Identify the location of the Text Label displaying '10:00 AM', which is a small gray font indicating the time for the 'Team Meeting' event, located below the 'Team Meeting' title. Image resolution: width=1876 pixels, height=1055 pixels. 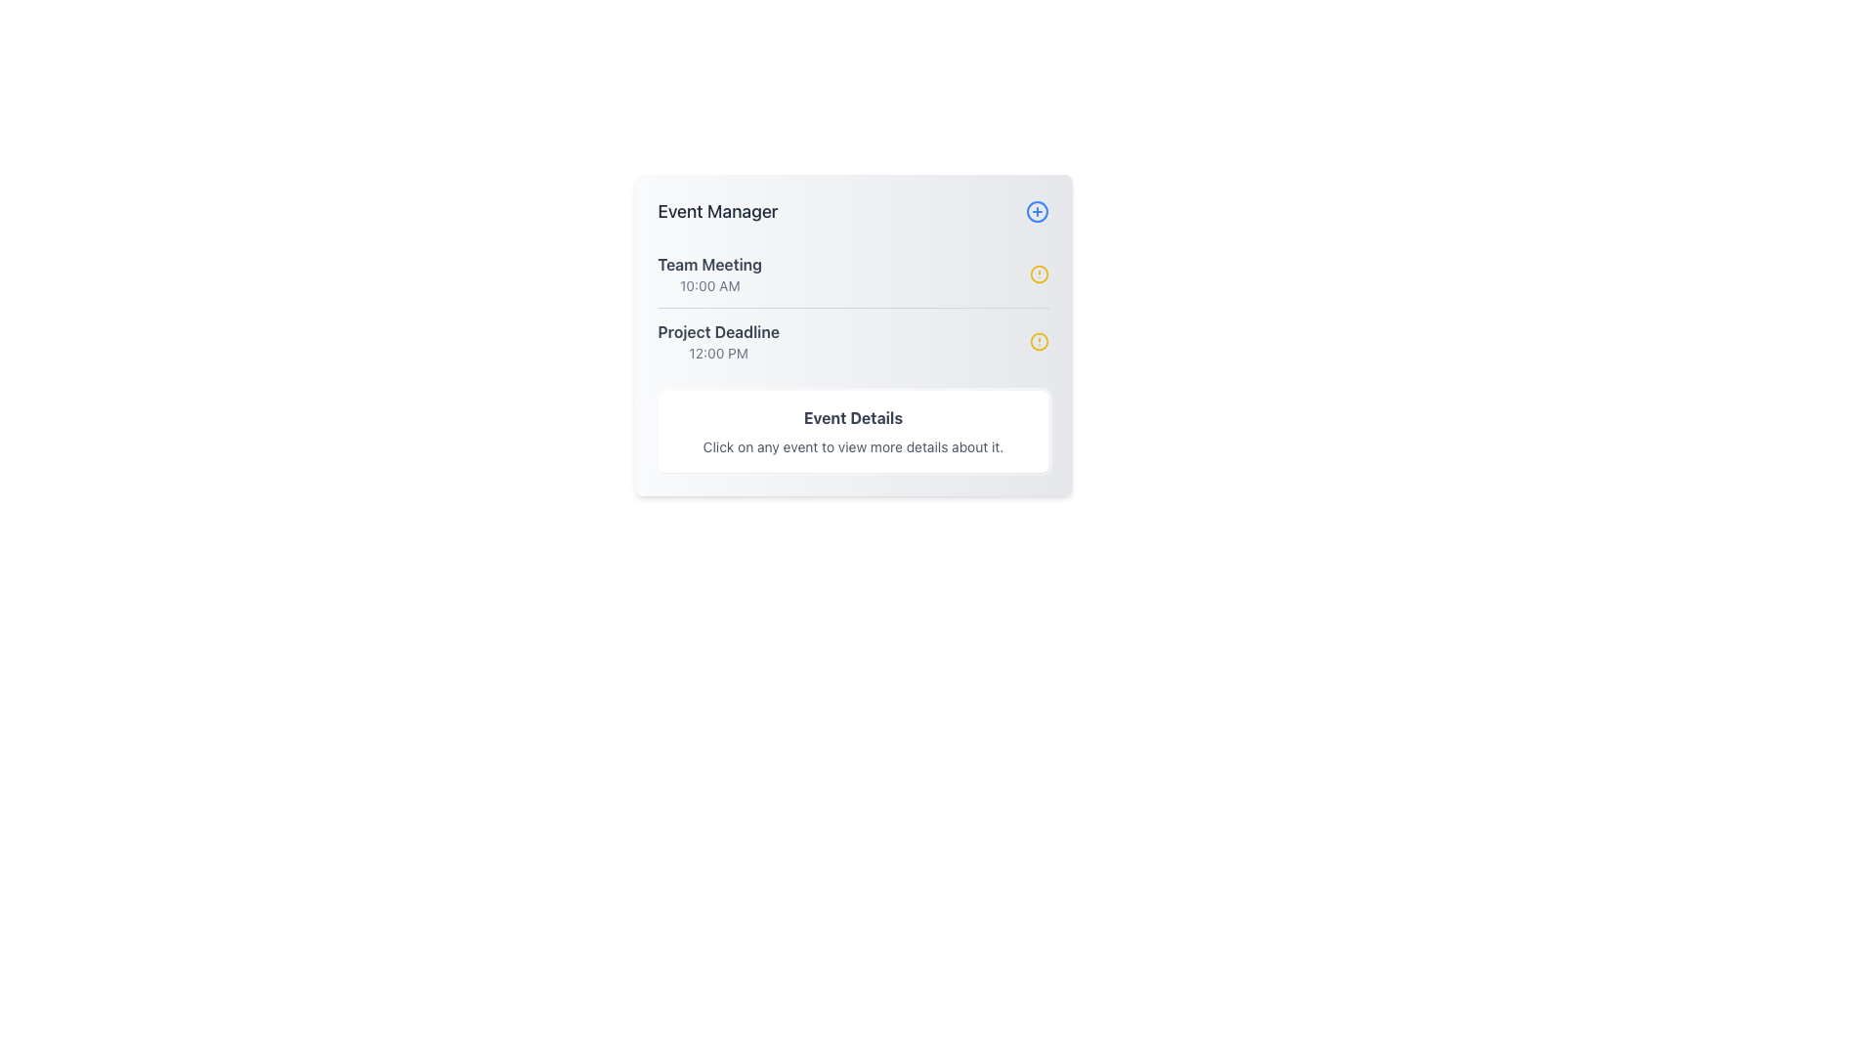
(708, 286).